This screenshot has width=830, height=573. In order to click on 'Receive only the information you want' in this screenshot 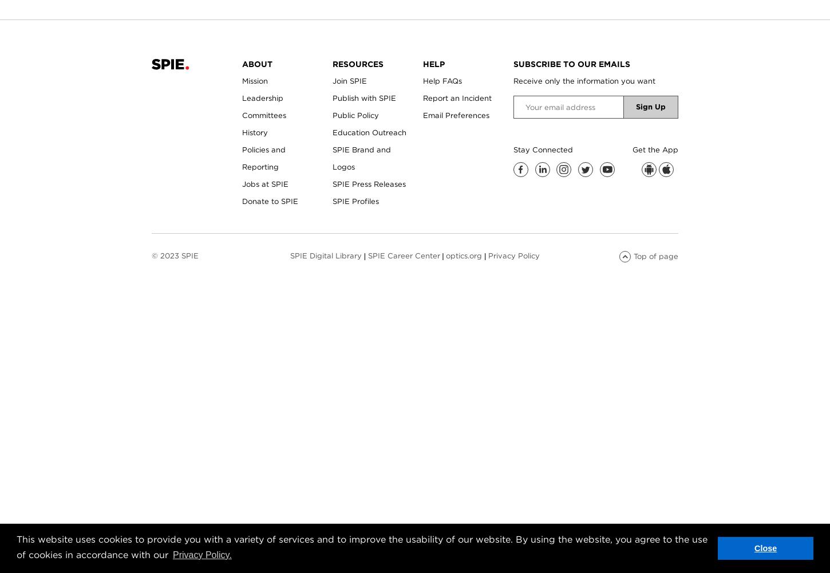, I will do `click(512, 81)`.